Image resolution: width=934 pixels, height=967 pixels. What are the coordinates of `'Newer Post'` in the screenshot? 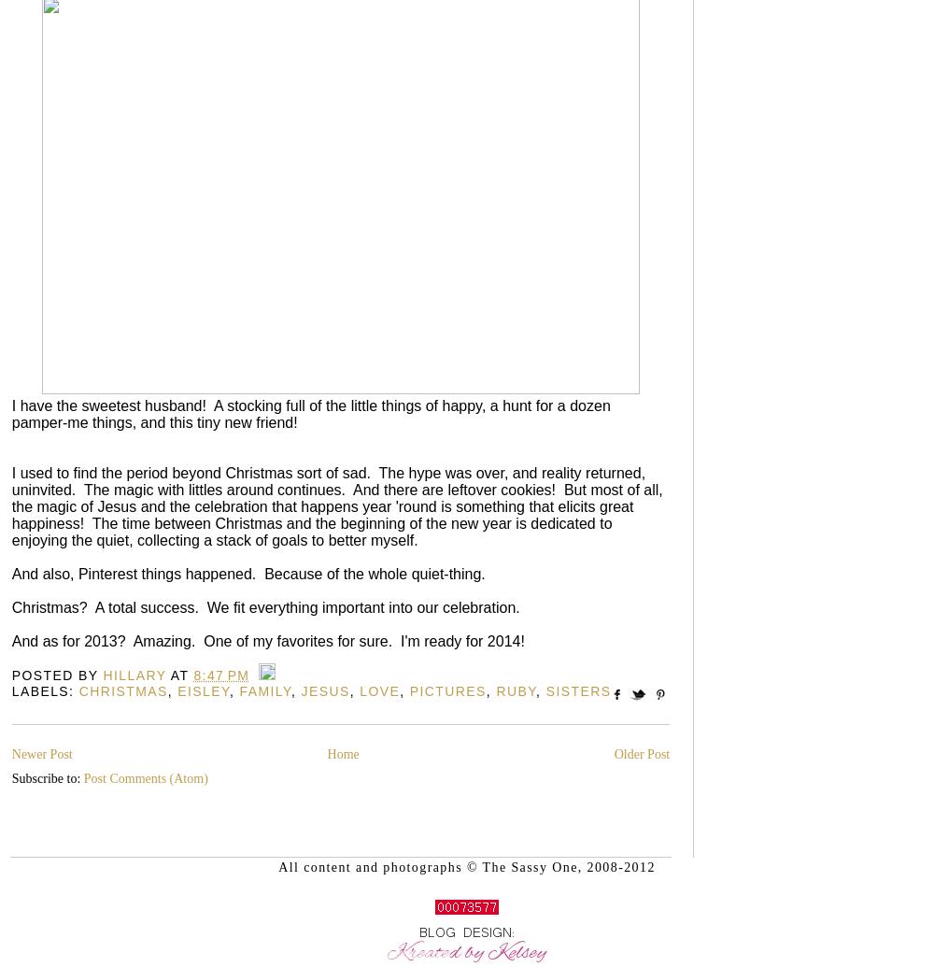 It's located at (41, 753).